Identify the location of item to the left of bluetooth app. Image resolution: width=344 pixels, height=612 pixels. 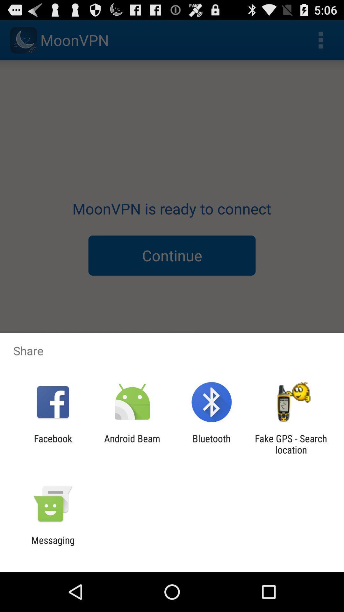
(132, 444).